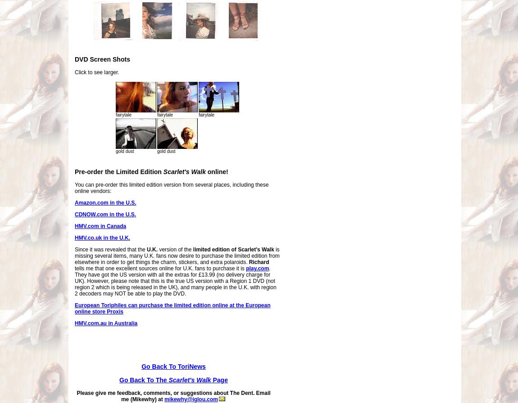 This screenshot has width=518, height=403. Describe the element at coordinates (175, 281) in the screenshot. I see `'. They have got the US version with all the extras for £13.99 (no delivery charge for UK). However, please note that this is the true US version with a Region 1 DVD (not region 2 which is being released in the UK), and many people in the U.K. with region 2 decoders may NOT be able to play the DVD.'` at that location.